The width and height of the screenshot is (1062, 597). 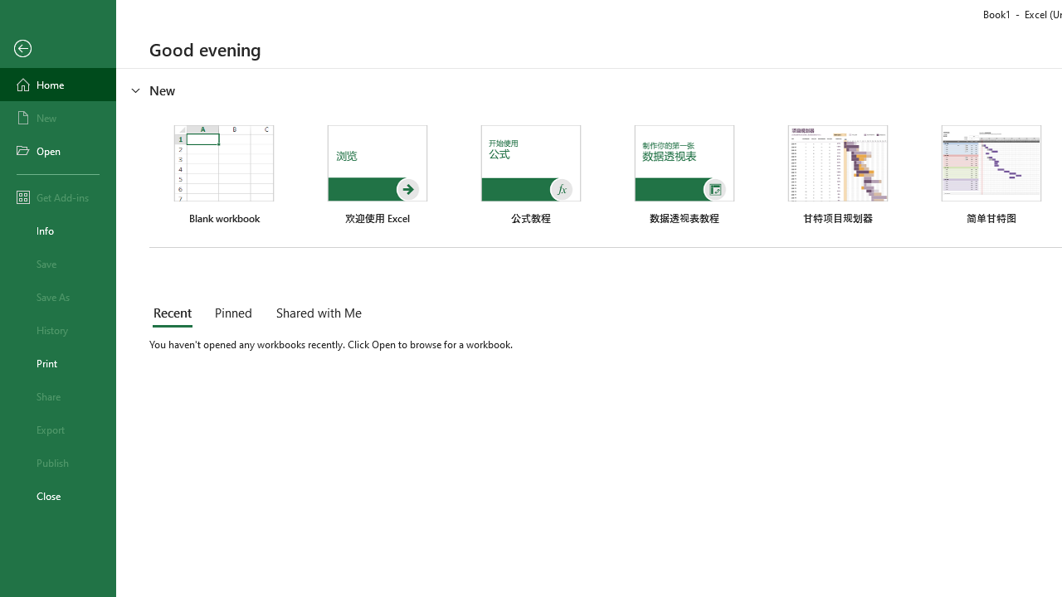 What do you see at coordinates (57, 429) in the screenshot?
I see `'Export'` at bounding box center [57, 429].